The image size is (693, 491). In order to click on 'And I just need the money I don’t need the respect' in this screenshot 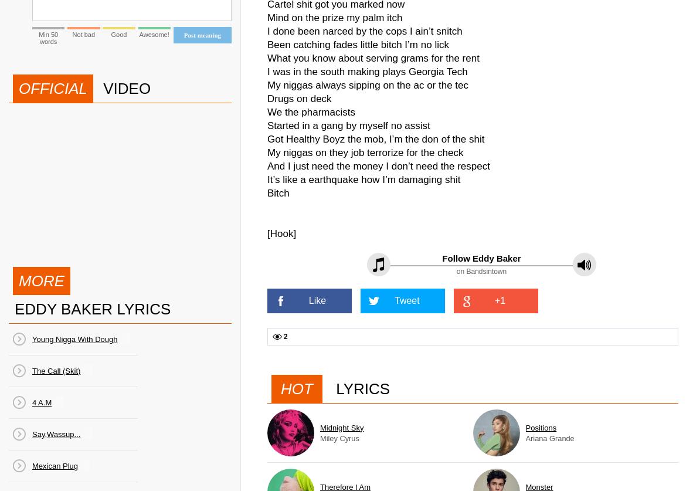, I will do `click(378, 166)`.